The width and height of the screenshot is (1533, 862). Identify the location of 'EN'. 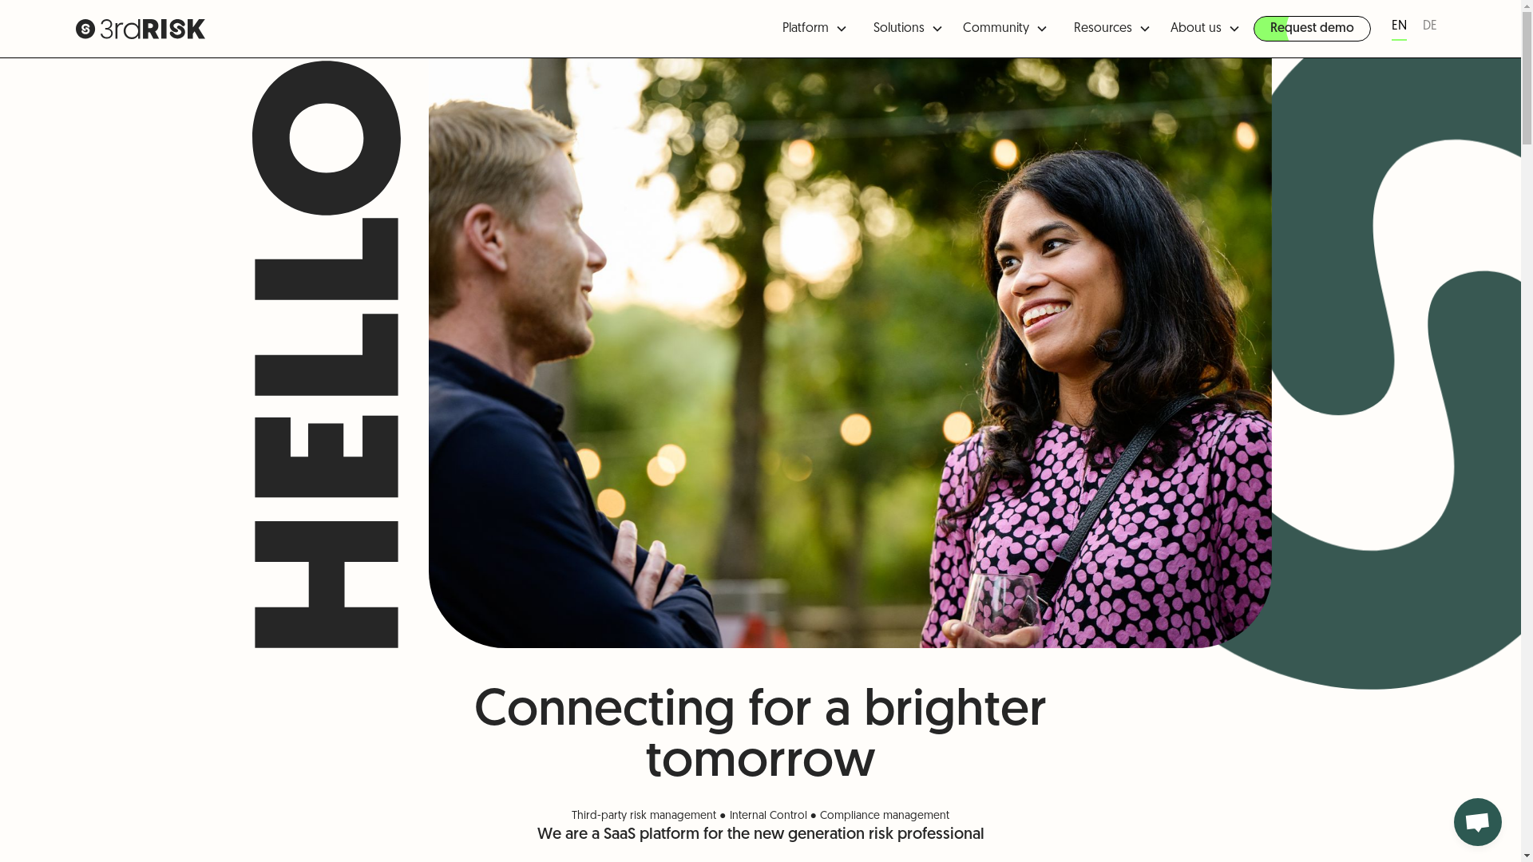
(1398, 28).